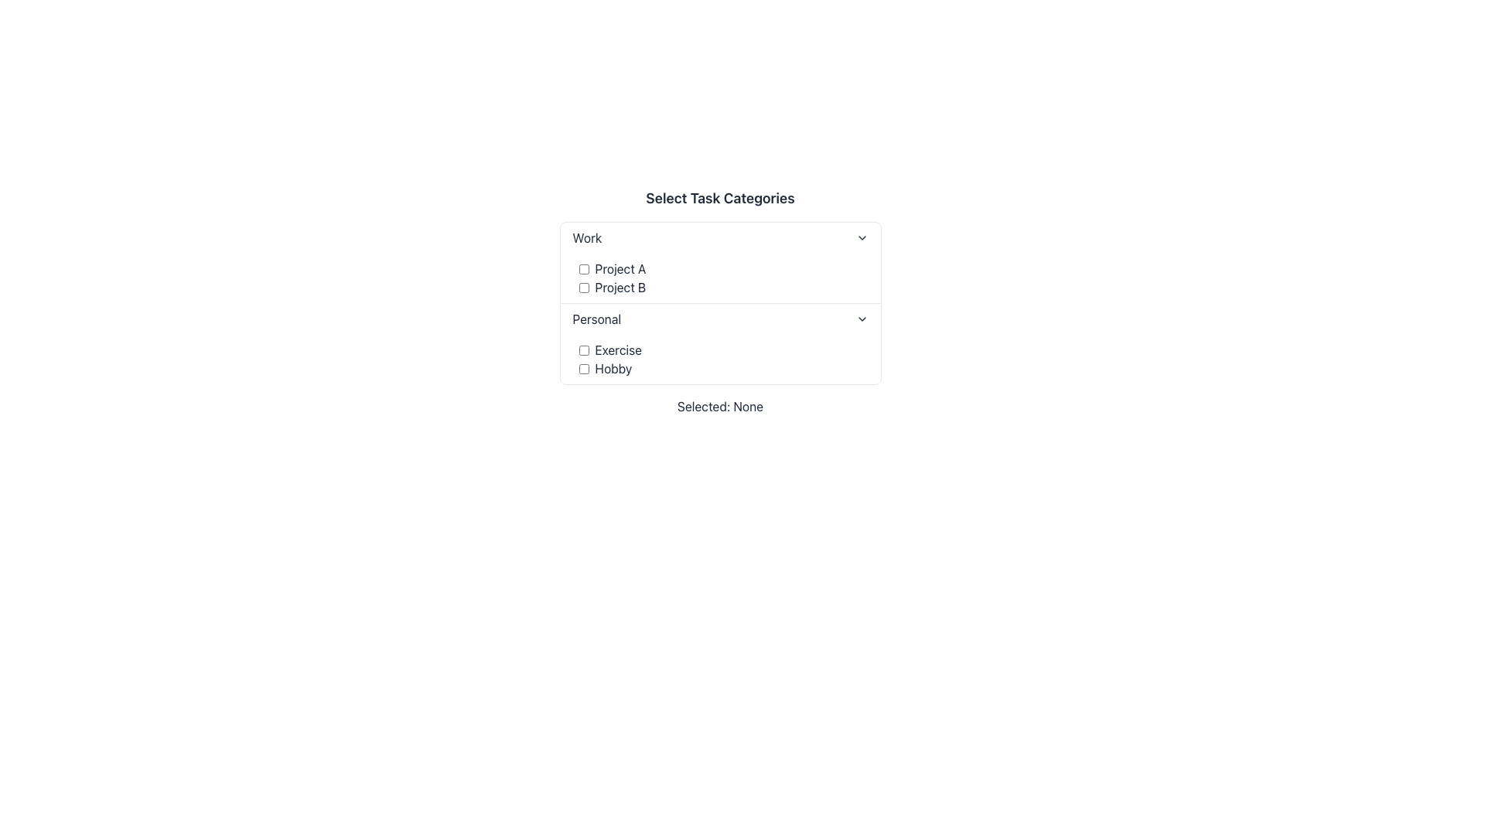 This screenshot has height=835, width=1485. Describe the element at coordinates (620, 268) in the screenshot. I see `the Text label associated with the checkbox in the 'Work' category section to provide descriptive text for the checkbox` at that location.